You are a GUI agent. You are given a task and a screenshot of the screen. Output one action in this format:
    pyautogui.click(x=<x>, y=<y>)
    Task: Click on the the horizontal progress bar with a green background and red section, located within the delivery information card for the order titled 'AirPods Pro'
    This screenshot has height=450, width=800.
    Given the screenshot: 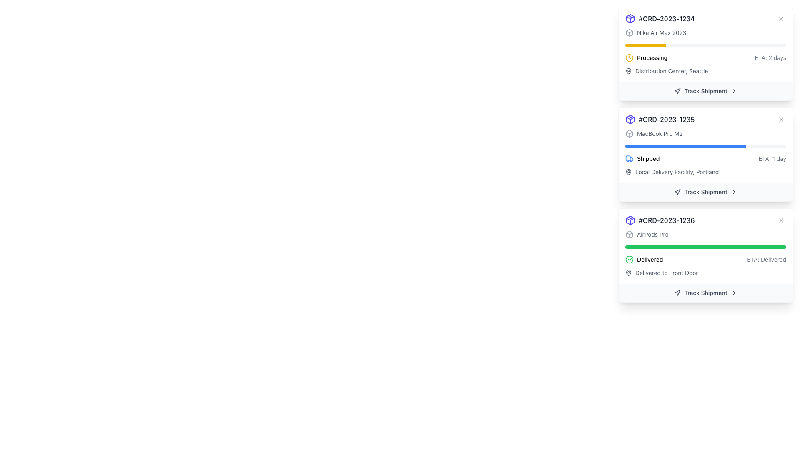 What is the action you would take?
    pyautogui.click(x=705, y=247)
    